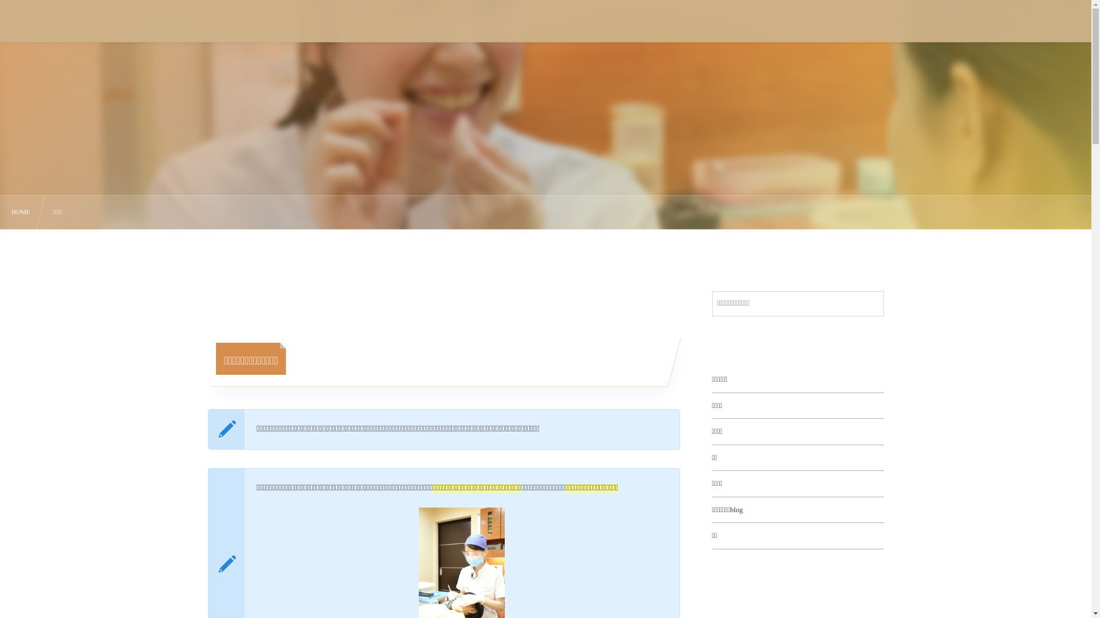  What do you see at coordinates (20, 212) in the screenshot?
I see `'HOME'` at bounding box center [20, 212].